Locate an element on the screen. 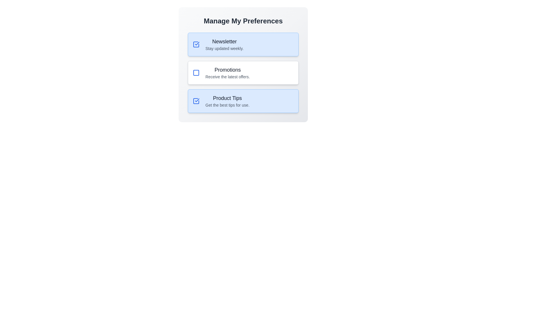 The image size is (554, 312). the 'Newsletter' text label, which is displayed in a large dark gray font near the top-left of the first option in a vertical list of preferences is located at coordinates (224, 41).